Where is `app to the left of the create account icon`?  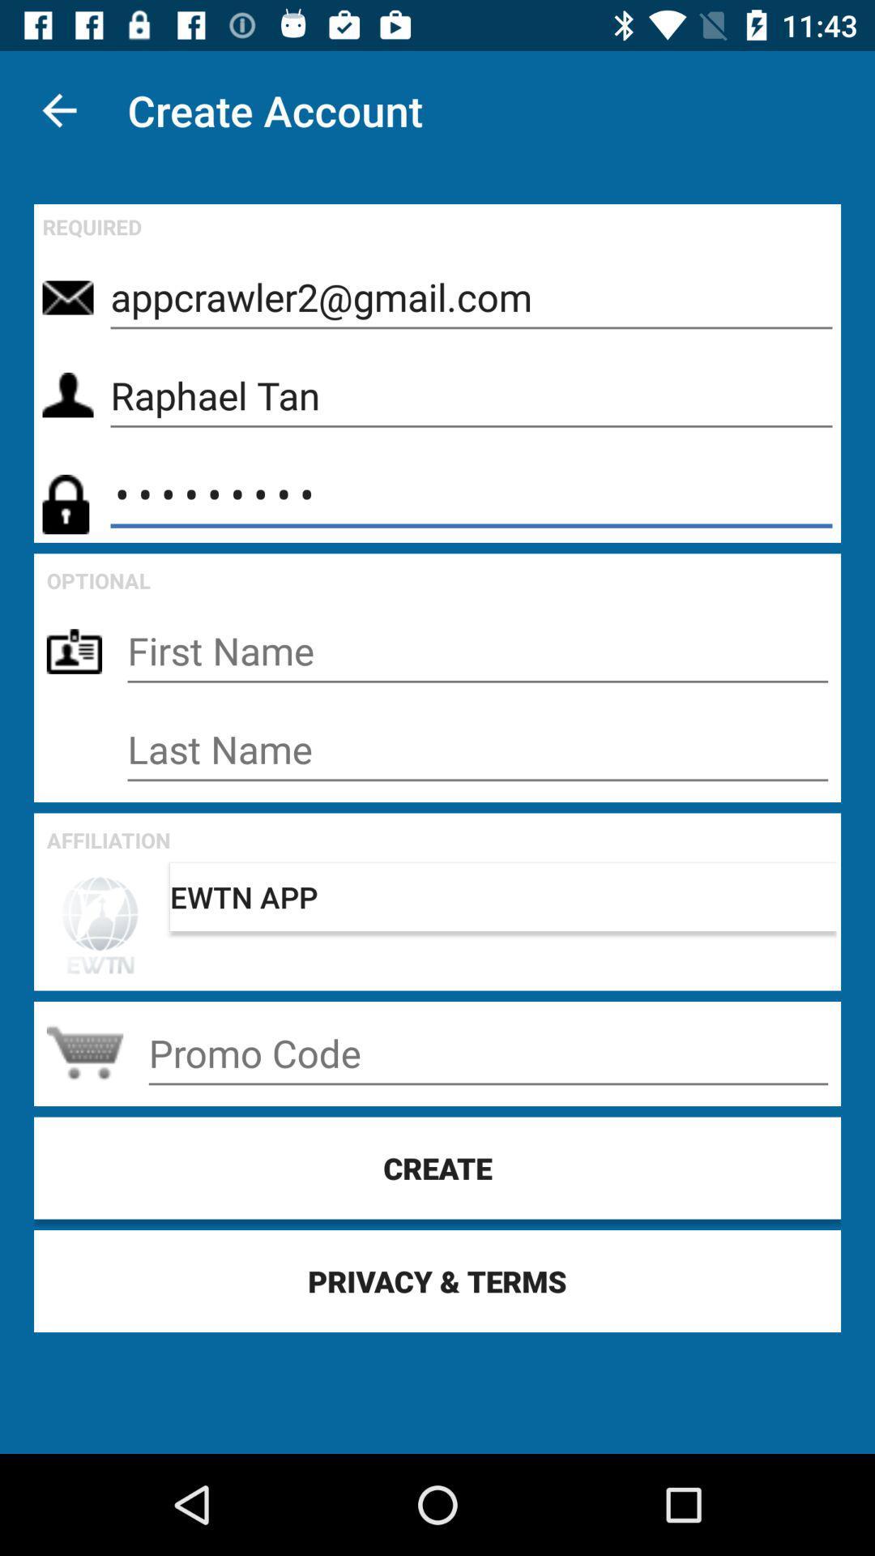
app to the left of the create account icon is located at coordinates (58, 109).